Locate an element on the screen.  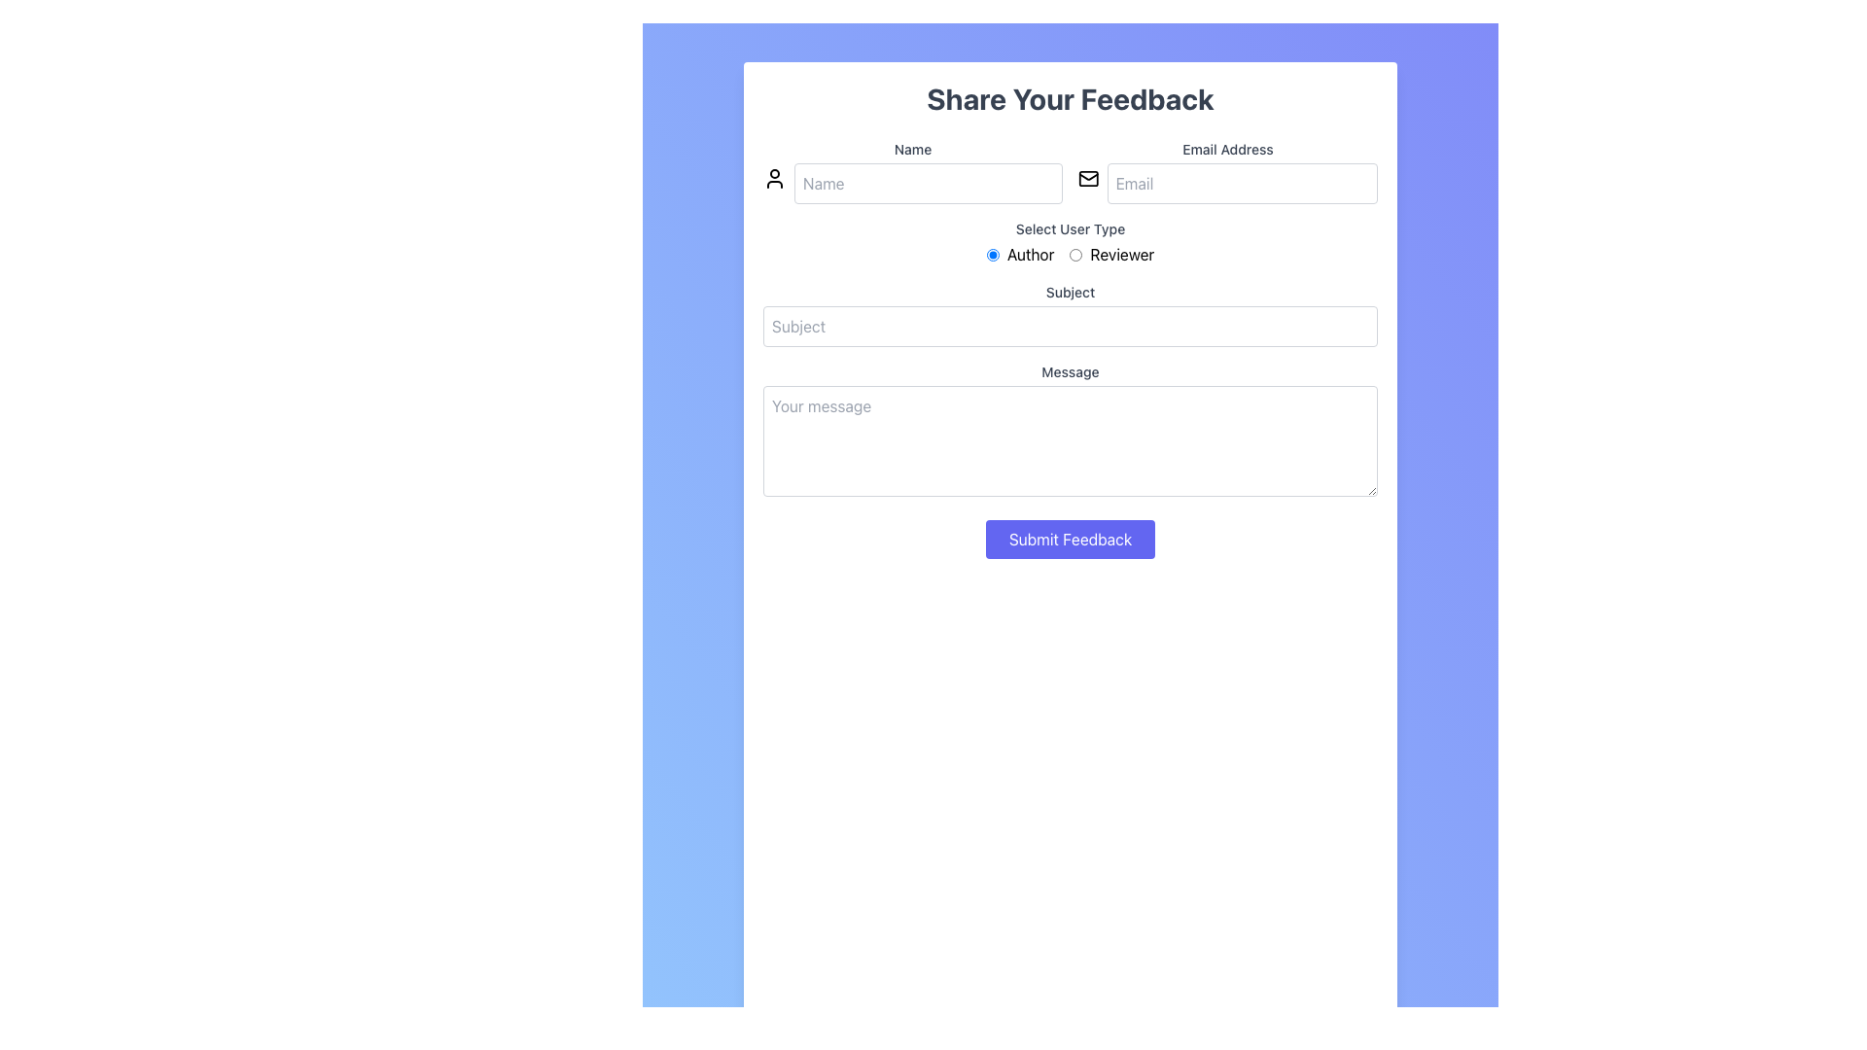
the user icon located to the left of the 'Name' input field, which features a circular head and semicircular body outline is located at coordinates (773, 179).